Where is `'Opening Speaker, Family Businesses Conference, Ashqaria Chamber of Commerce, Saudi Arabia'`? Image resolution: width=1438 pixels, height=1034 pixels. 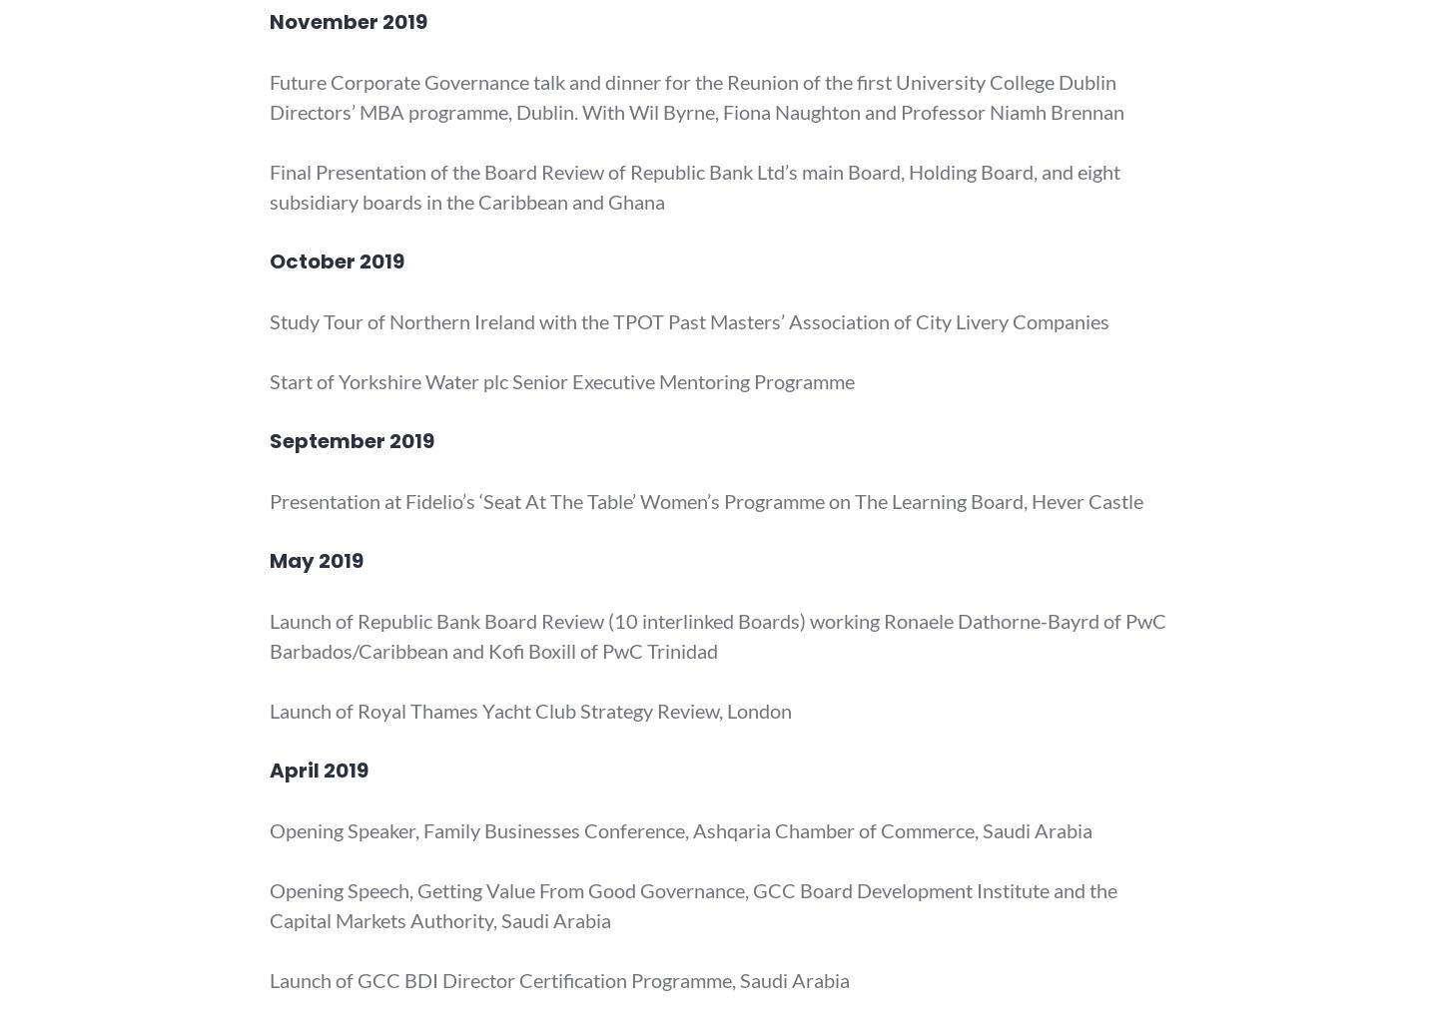 'Opening Speaker, Family Businesses Conference, Ashqaria Chamber of Commerce, Saudi Arabia' is located at coordinates (680, 830).